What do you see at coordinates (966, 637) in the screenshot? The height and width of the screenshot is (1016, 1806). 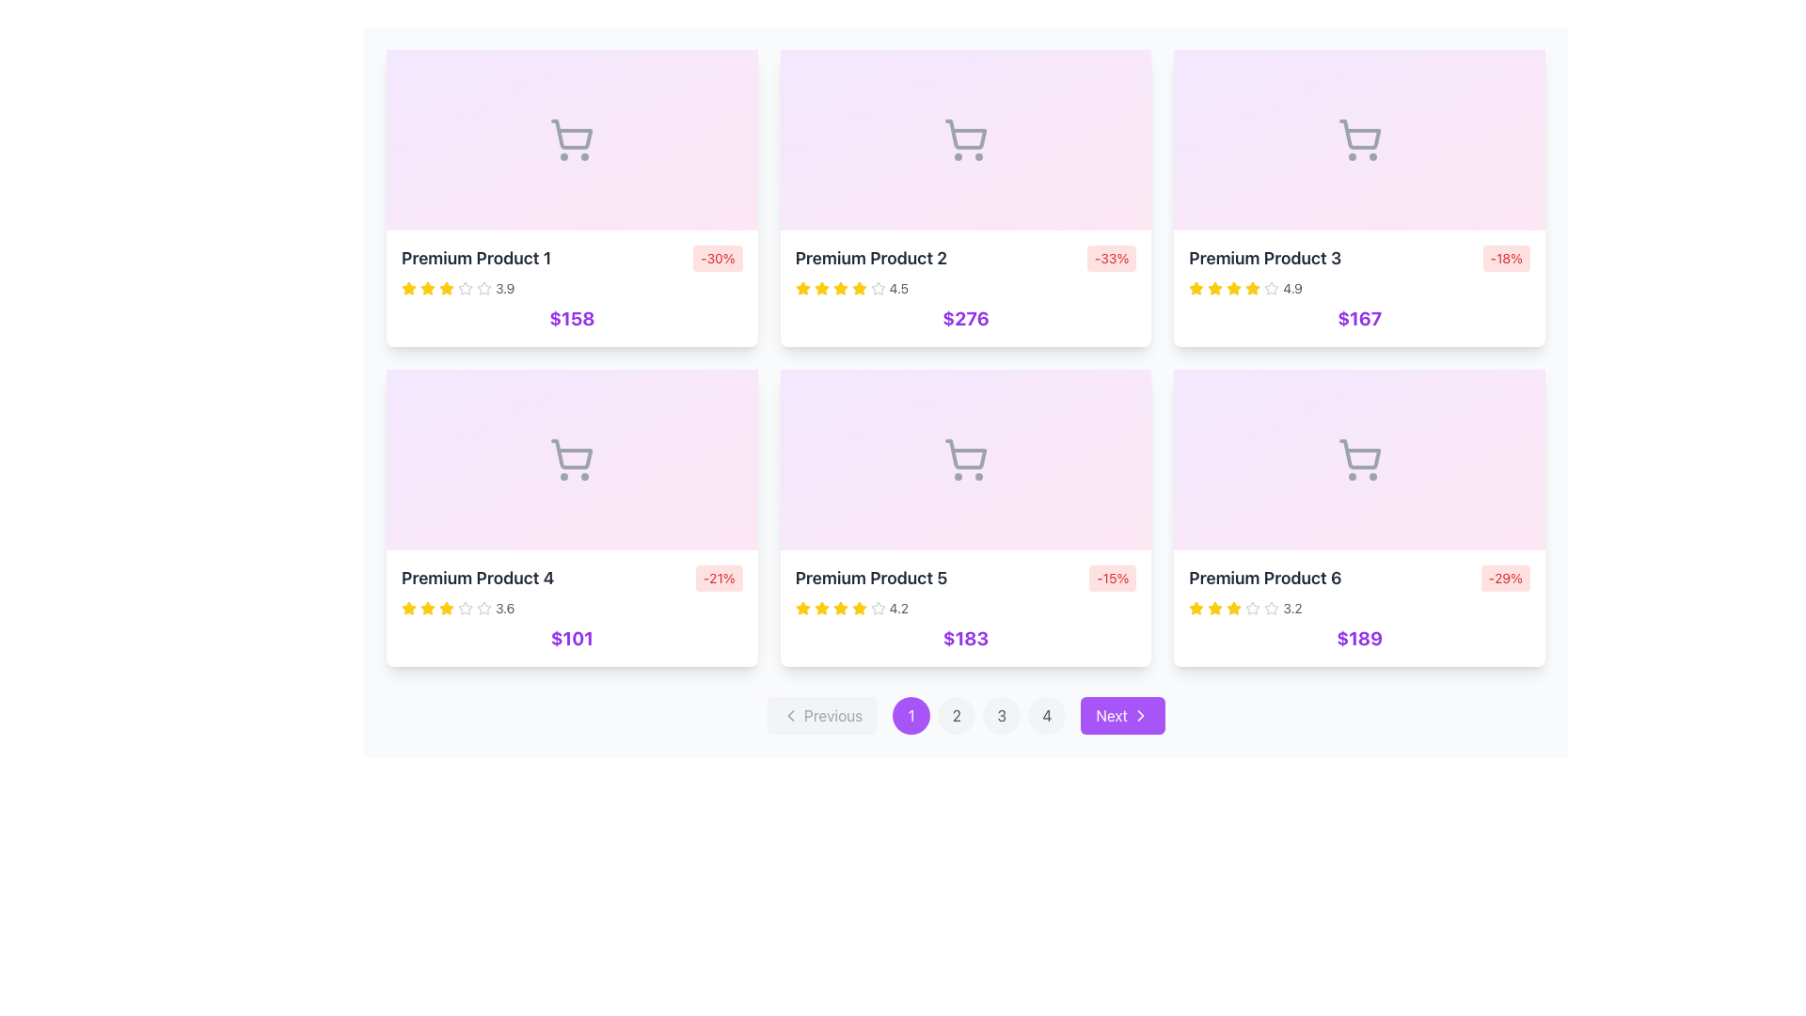 I see `the price label for the 'Premium Product 5' located at the bottom of its card` at bounding box center [966, 637].